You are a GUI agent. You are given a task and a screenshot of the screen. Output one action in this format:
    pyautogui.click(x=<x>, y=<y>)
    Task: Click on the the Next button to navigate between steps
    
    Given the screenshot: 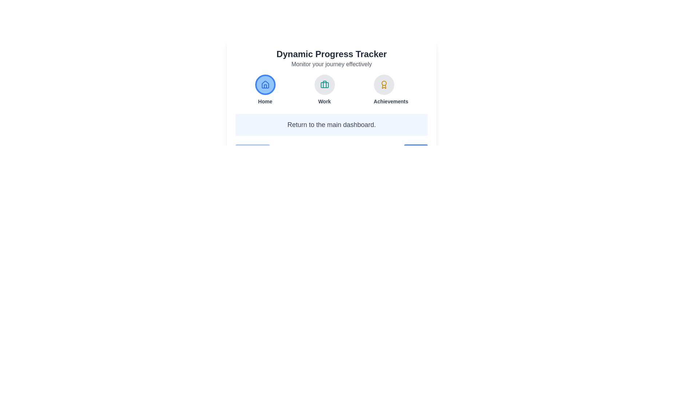 What is the action you would take?
    pyautogui.click(x=416, y=151)
    